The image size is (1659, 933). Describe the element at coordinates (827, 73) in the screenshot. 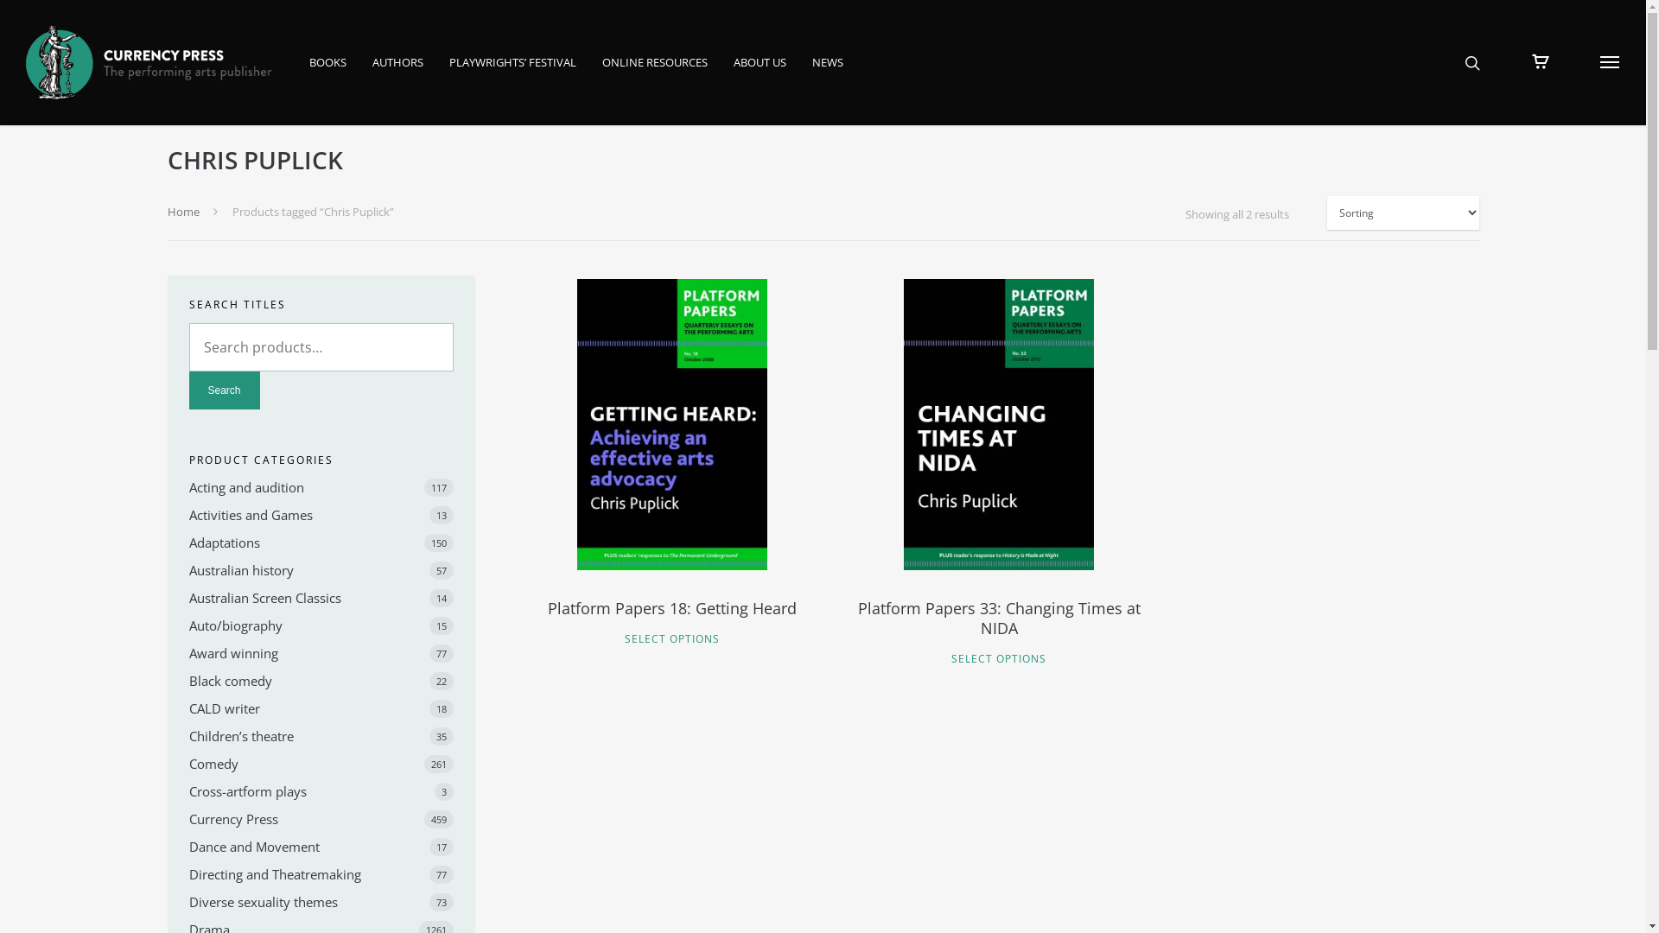

I see `'NEWS'` at that location.